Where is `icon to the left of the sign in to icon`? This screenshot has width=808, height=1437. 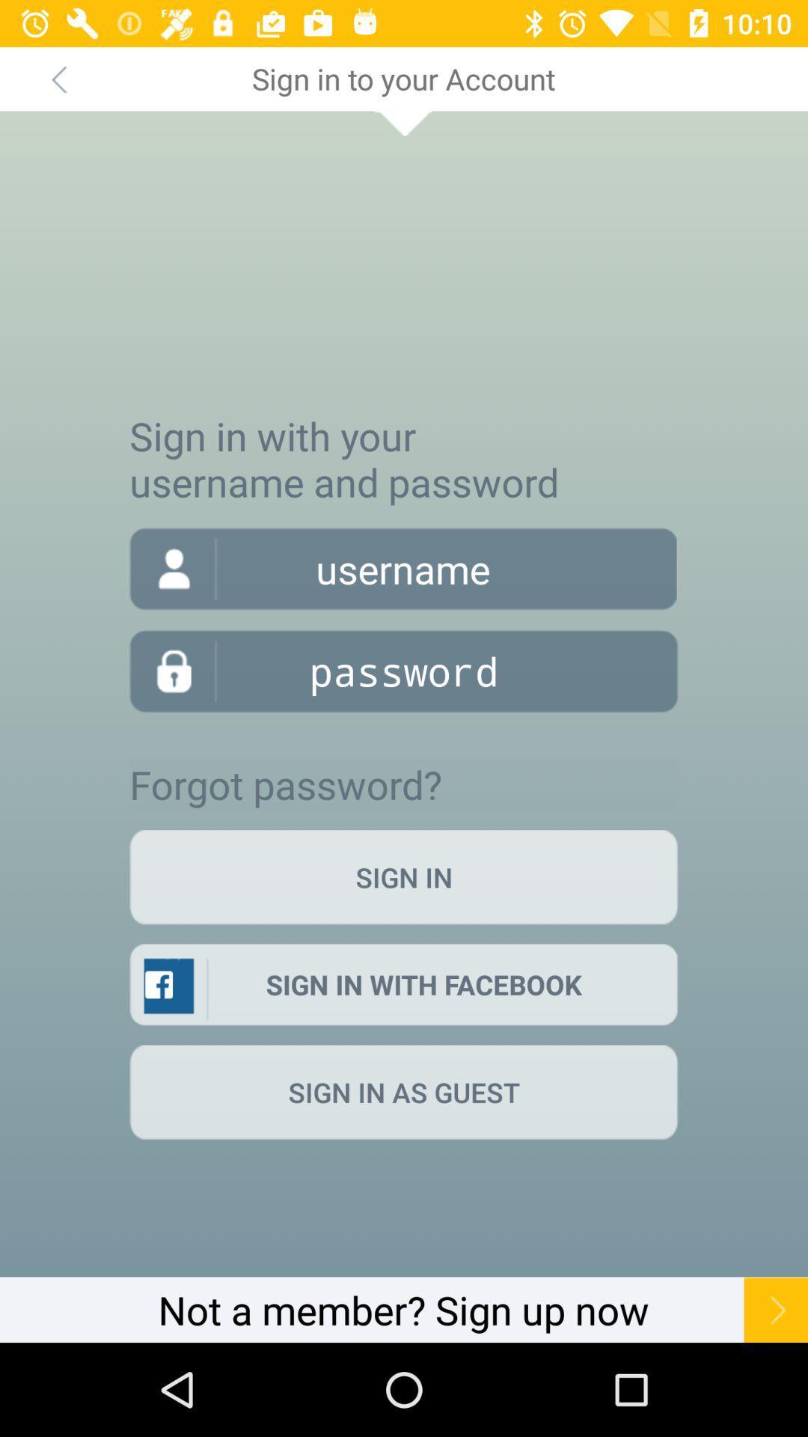 icon to the left of the sign in to icon is located at coordinates (58, 78).